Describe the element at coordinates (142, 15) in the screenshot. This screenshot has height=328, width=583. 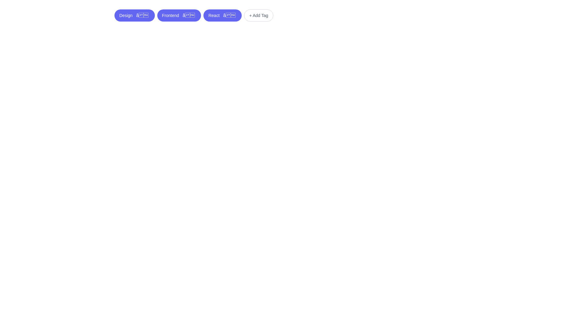
I see `the close button of the tag labeled Design` at that location.